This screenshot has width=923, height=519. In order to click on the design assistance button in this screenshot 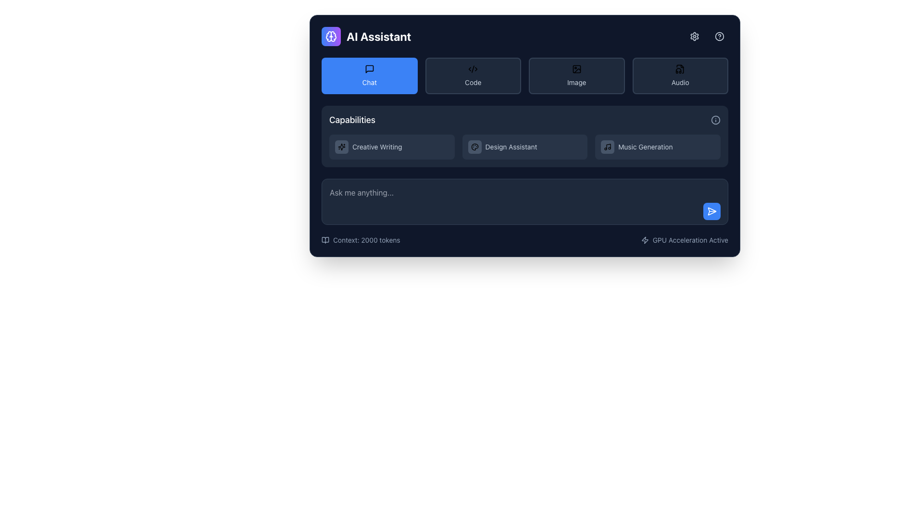, I will do `click(524, 147)`.